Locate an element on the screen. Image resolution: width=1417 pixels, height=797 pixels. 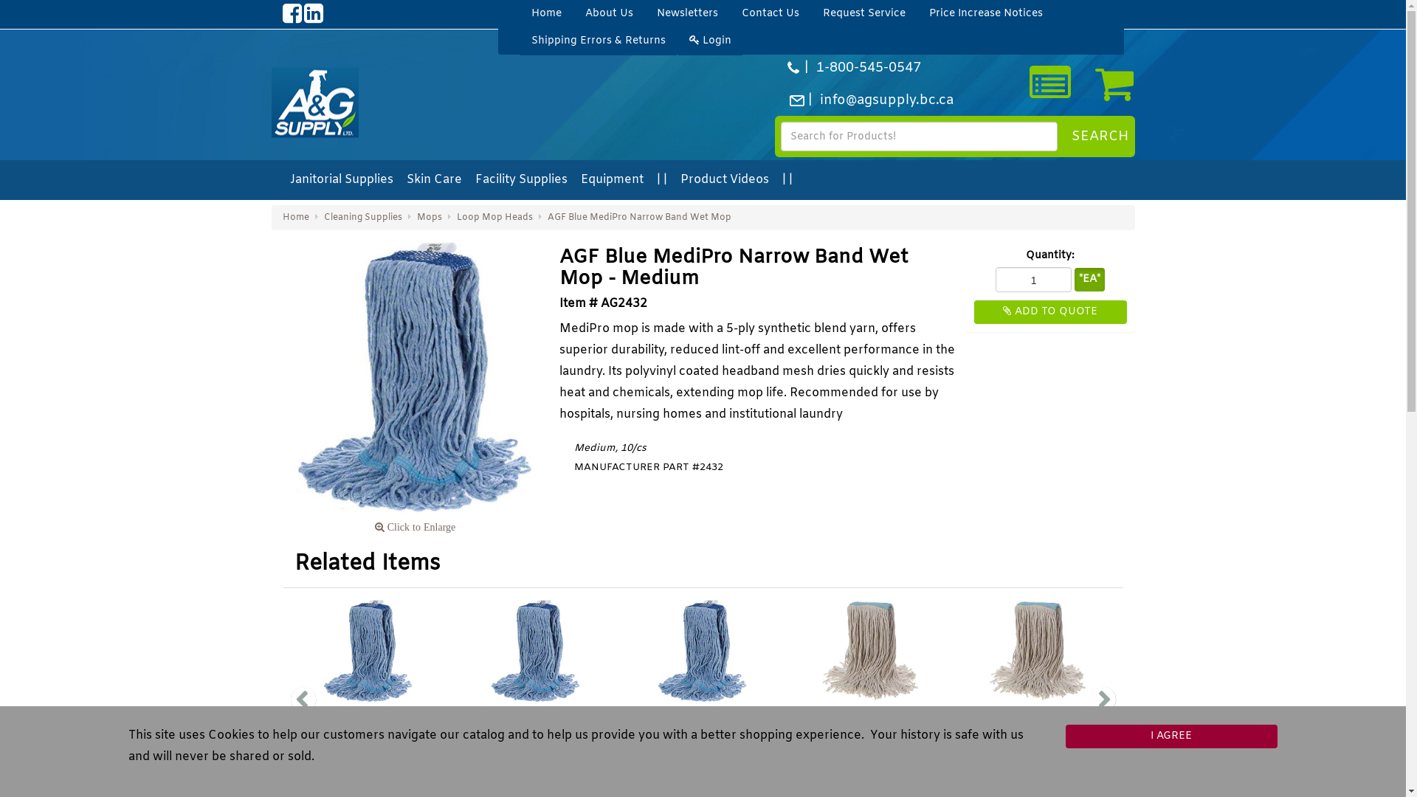
'ADD TO QUOTE' is located at coordinates (1049, 311).